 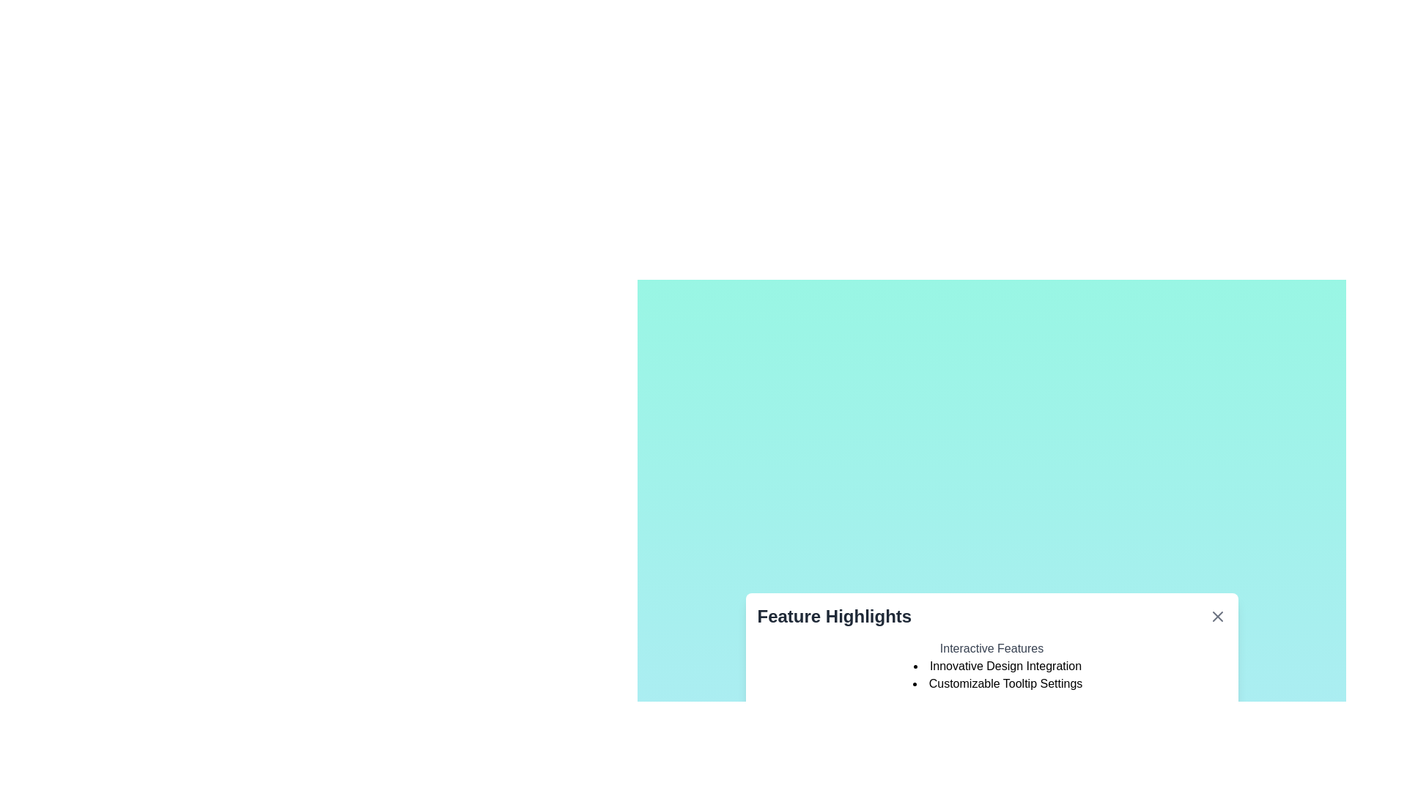 What do you see at coordinates (997, 666) in the screenshot?
I see `the static text 'Innovative Design Integration' which is the first item in the bulleted list under 'Interactive Features' in the 'Feature Highlights' section` at bounding box center [997, 666].